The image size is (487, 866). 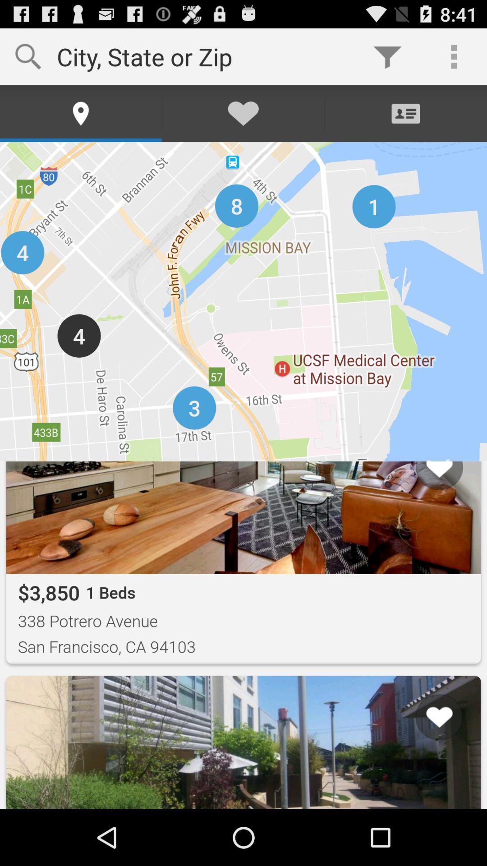 What do you see at coordinates (427, 774) in the screenshot?
I see `list` at bounding box center [427, 774].